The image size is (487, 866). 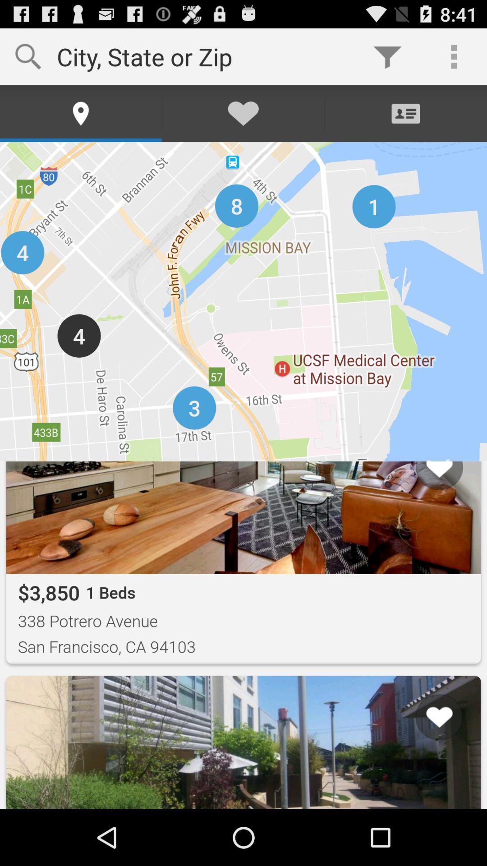 What do you see at coordinates (427, 774) in the screenshot?
I see `list` at bounding box center [427, 774].